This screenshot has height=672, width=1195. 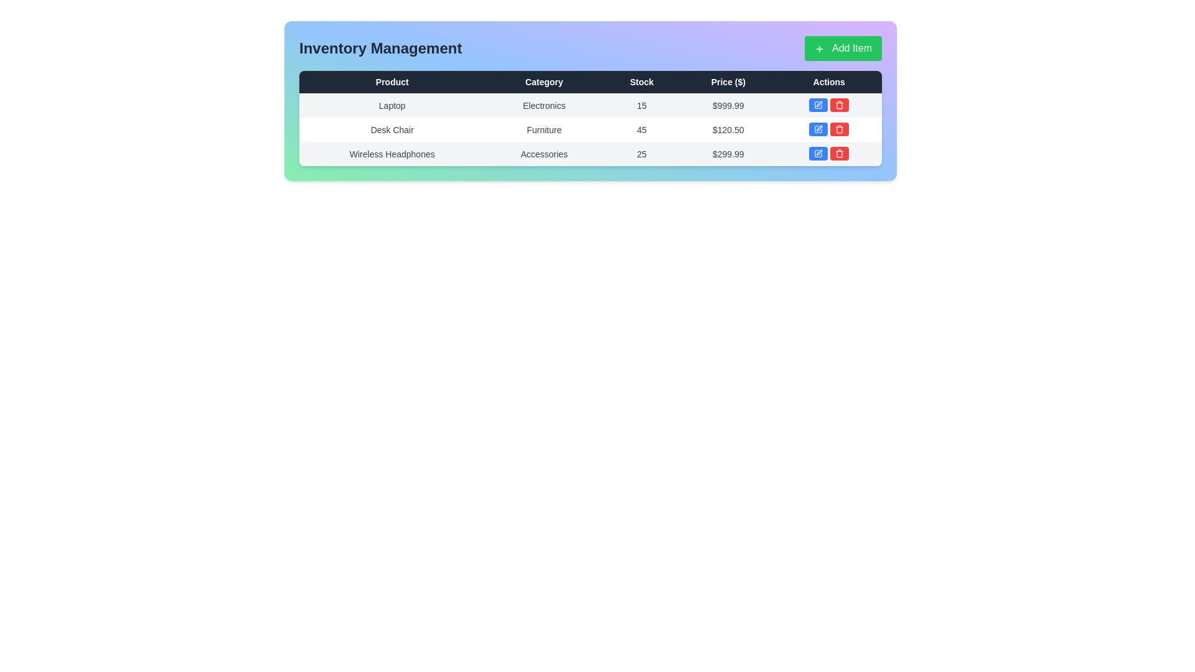 What do you see at coordinates (391, 129) in the screenshot?
I see `the 'Desk Chair' text label located in the 'Product' column of the table, positioned in the first cell of the second data row` at bounding box center [391, 129].